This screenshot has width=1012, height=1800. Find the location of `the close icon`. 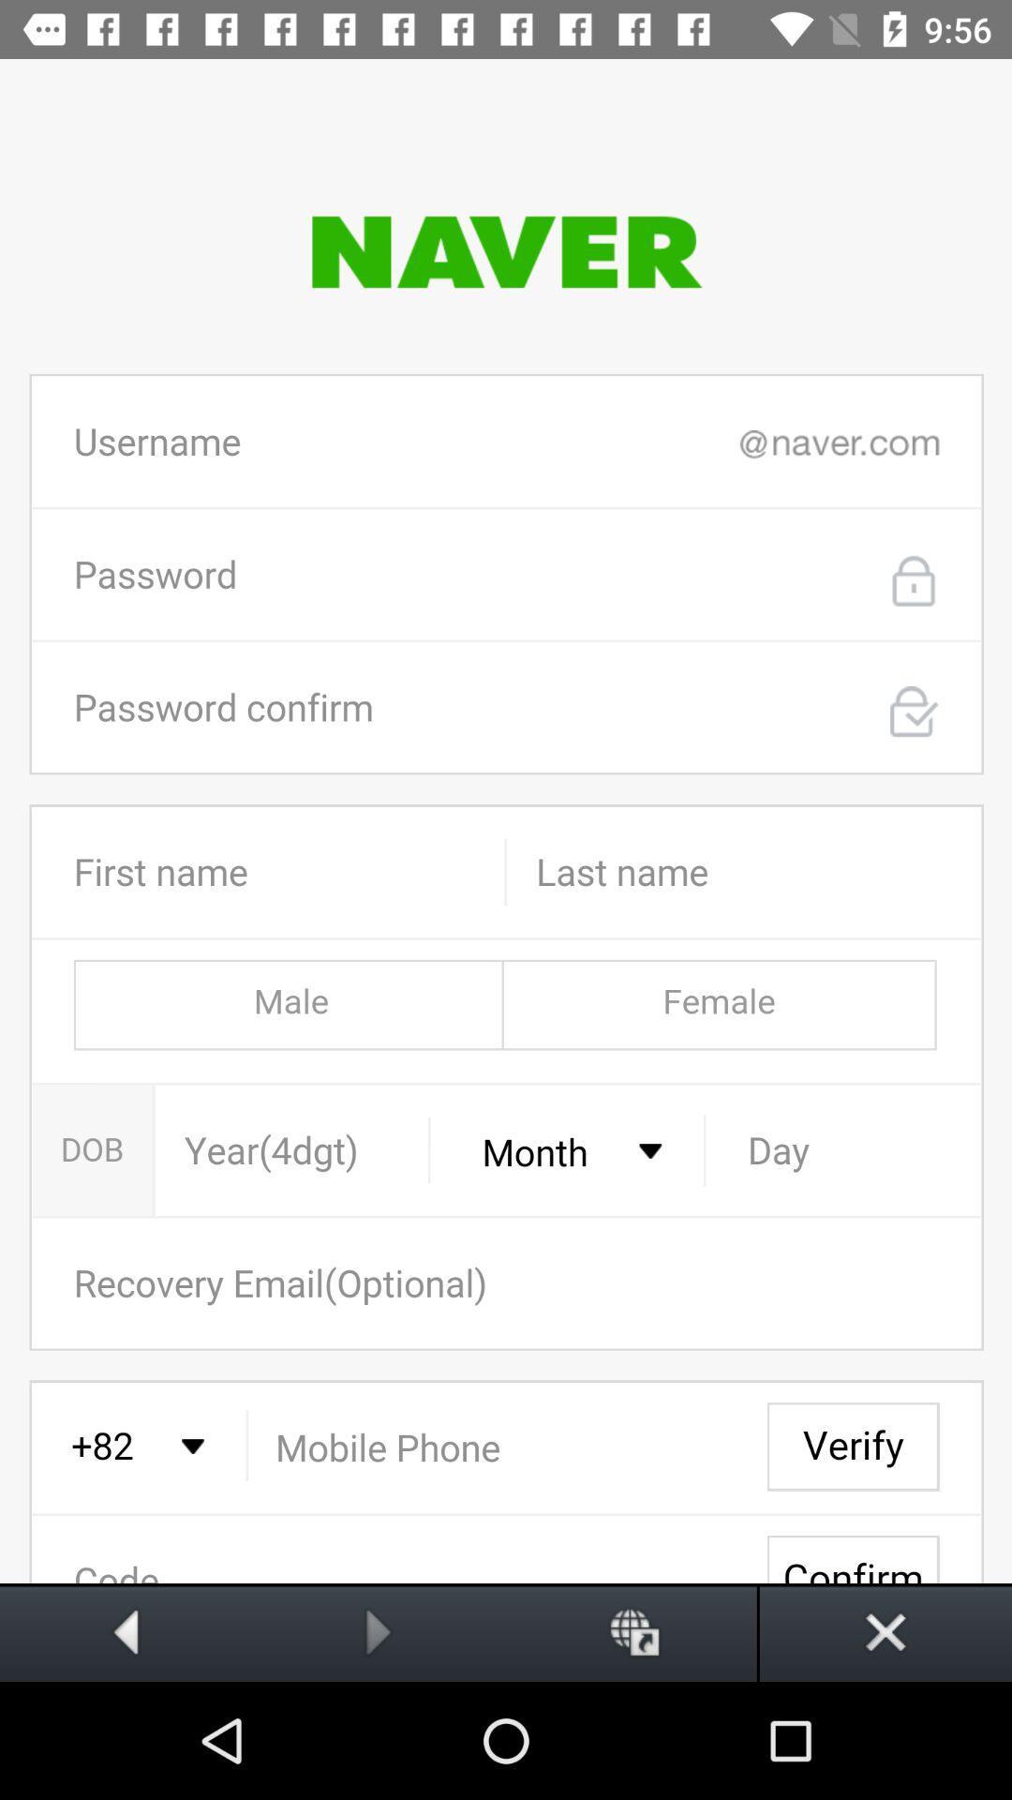

the close icon is located at coordinates (885, 1631).